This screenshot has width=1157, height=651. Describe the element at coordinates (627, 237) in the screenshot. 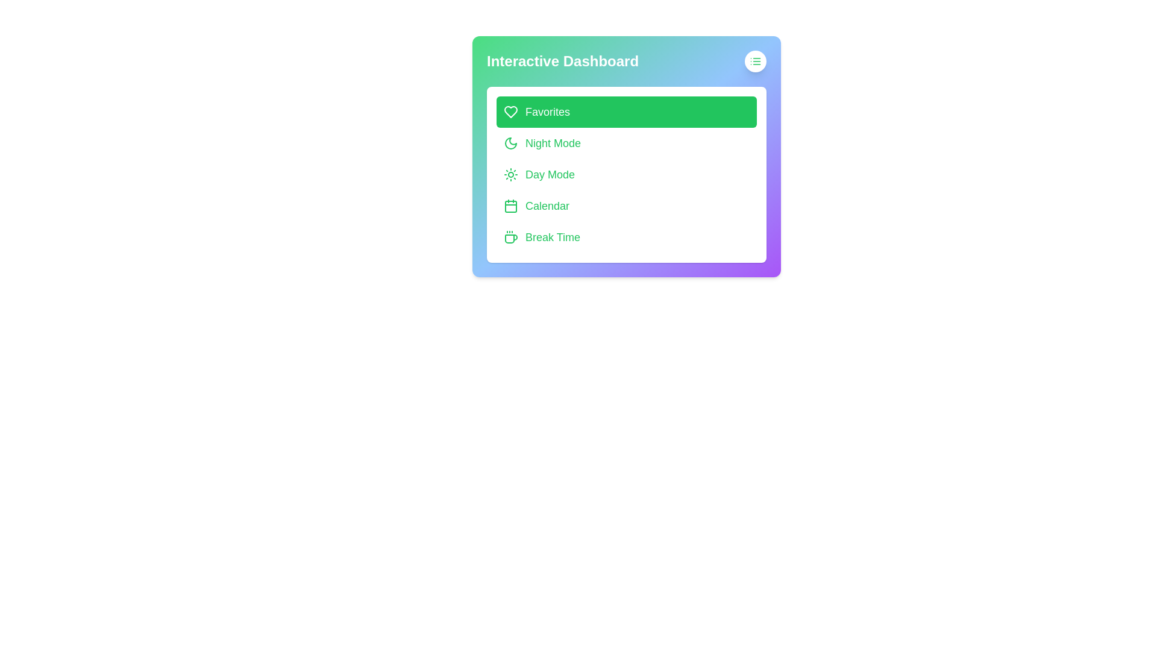

I see `the menu item Break Time to observe its hover effect` at that location.